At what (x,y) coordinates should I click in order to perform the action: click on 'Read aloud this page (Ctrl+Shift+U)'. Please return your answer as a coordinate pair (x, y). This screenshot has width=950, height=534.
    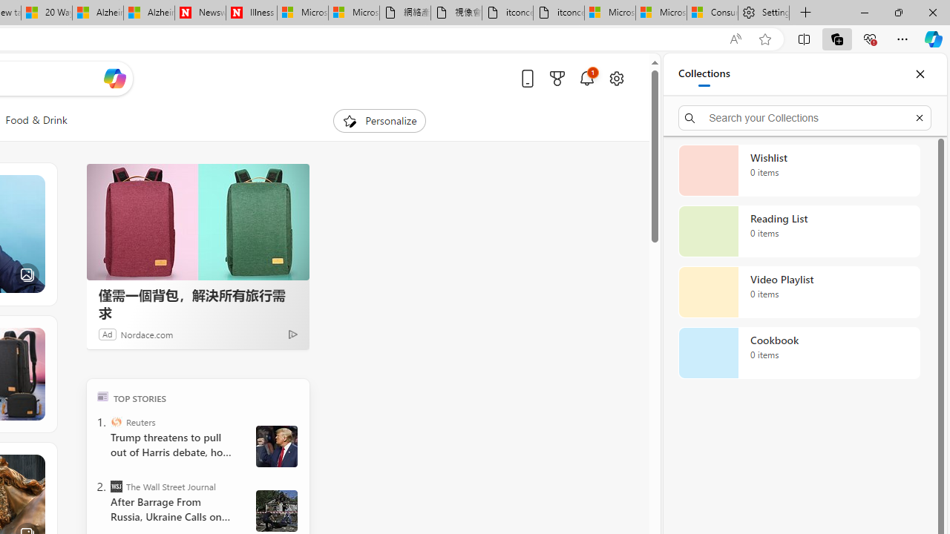
    Looking at the image, I should click on (736, 39).